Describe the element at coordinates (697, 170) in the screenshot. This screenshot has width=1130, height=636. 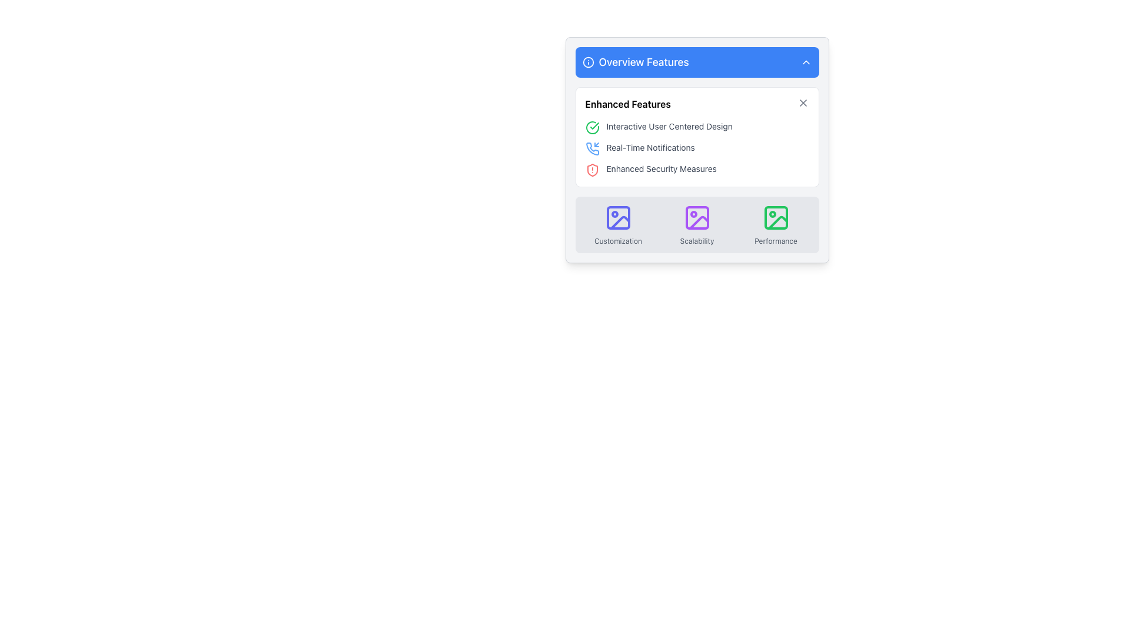
I see `the Text with icon component that features a red shield icon and the text 'Enhanced Security Measures', located in the third row of the 'Enhanced Features' list` at that location.